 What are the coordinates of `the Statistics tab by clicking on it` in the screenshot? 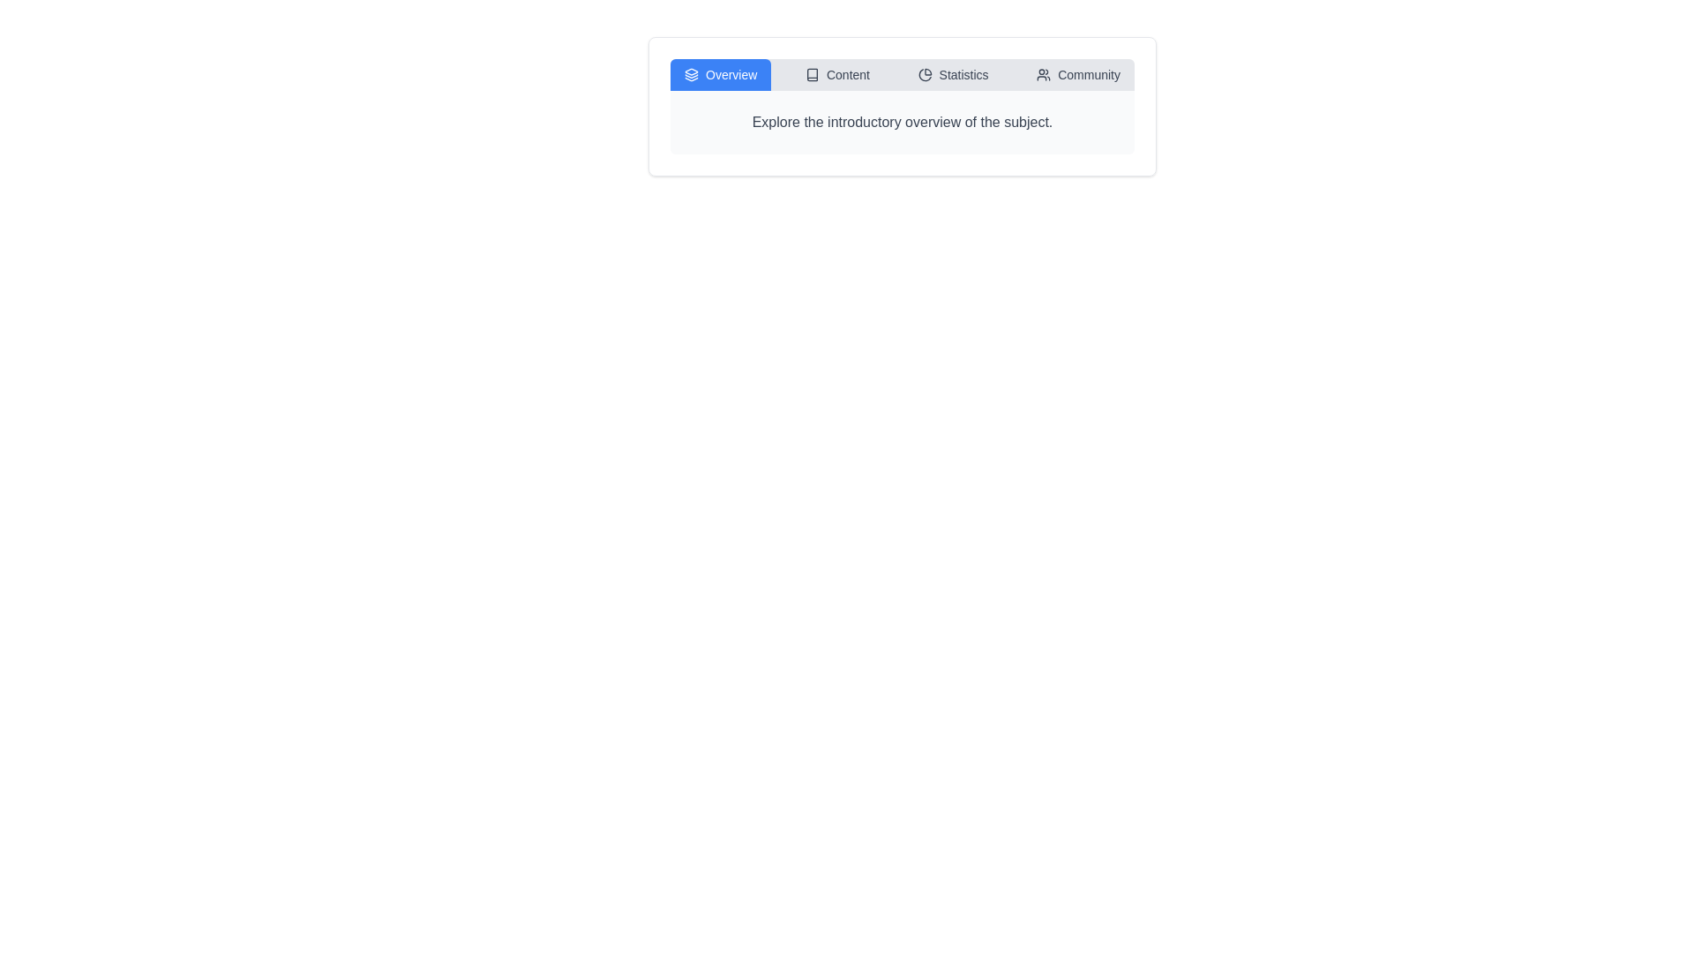 It's located at (952, 73).